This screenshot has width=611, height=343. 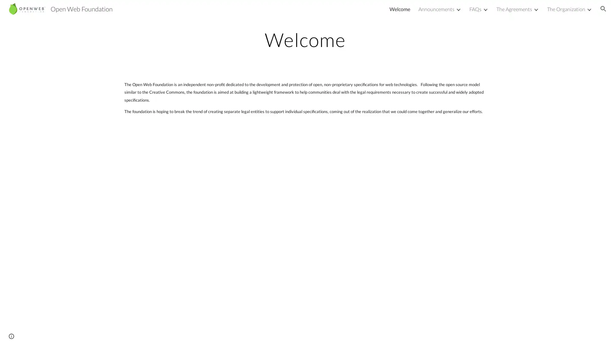 What do you see at coordinates (49, 332) in the screenshot?
I see `Google Sites` at bounding box center [49, 332].